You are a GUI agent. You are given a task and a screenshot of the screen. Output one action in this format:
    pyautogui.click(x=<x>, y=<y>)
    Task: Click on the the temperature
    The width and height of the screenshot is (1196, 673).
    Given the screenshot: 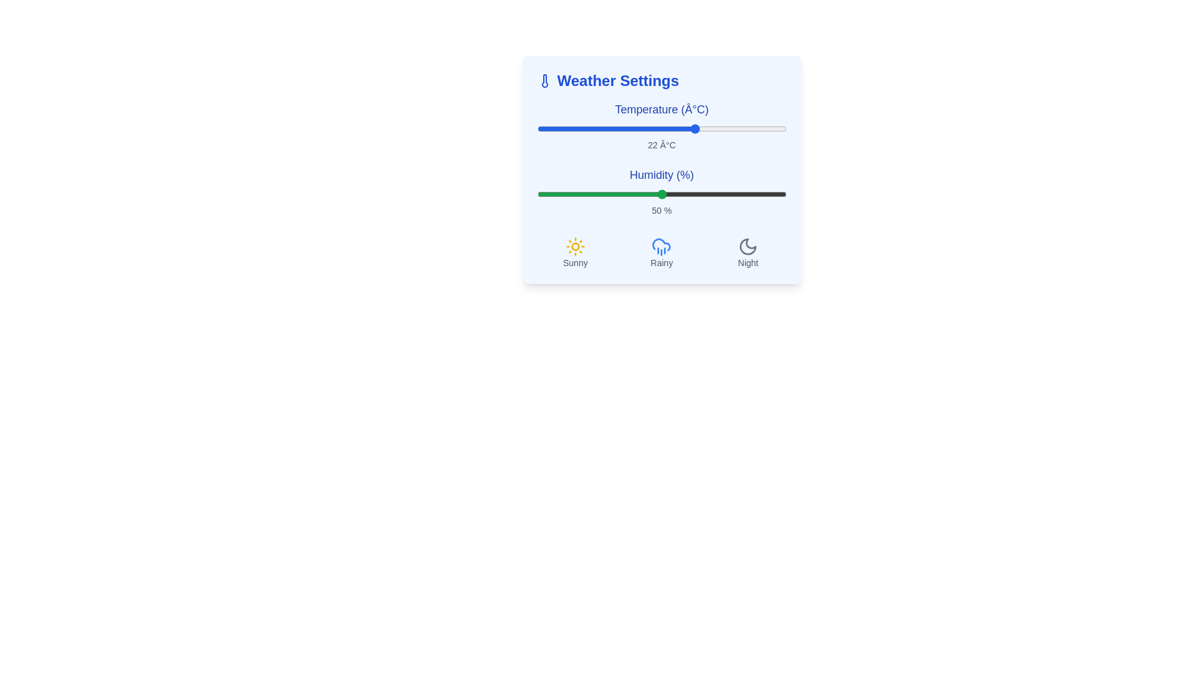 What is the action you would take?
    pyautogui.click(x=612, y=129)
    